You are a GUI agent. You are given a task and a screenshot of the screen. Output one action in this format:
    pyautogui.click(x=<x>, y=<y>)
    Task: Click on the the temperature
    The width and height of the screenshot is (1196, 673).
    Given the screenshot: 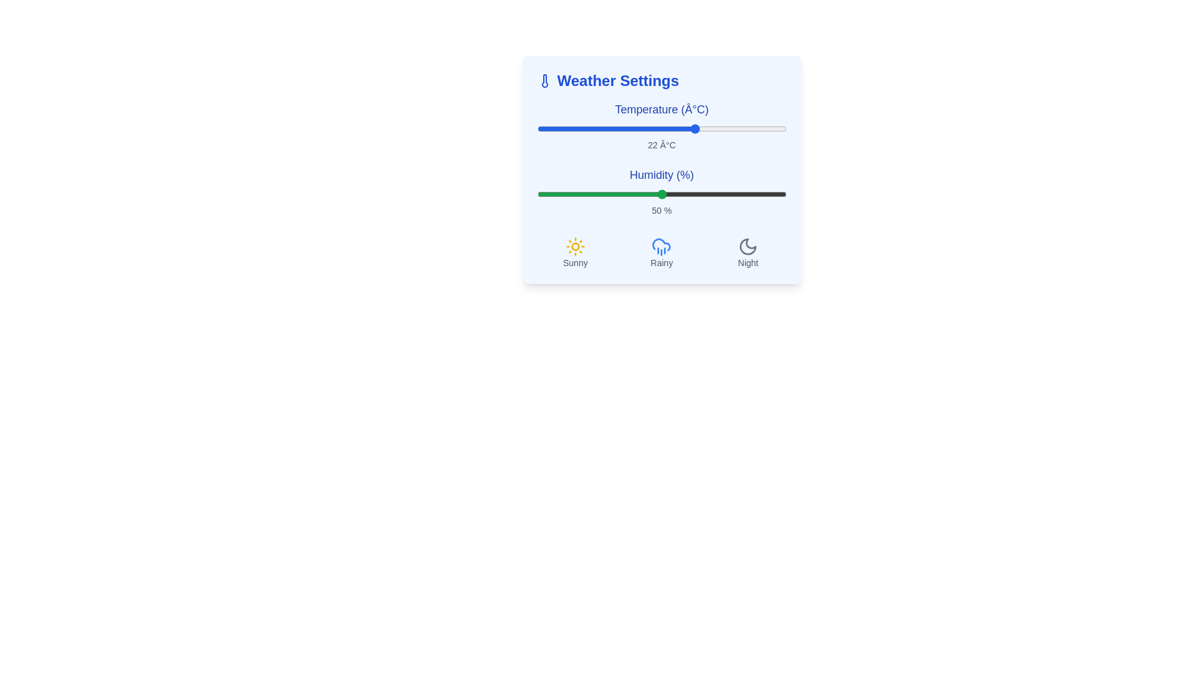 What is the action you would take?
    pyautogui.click(x=612, y=129)
    